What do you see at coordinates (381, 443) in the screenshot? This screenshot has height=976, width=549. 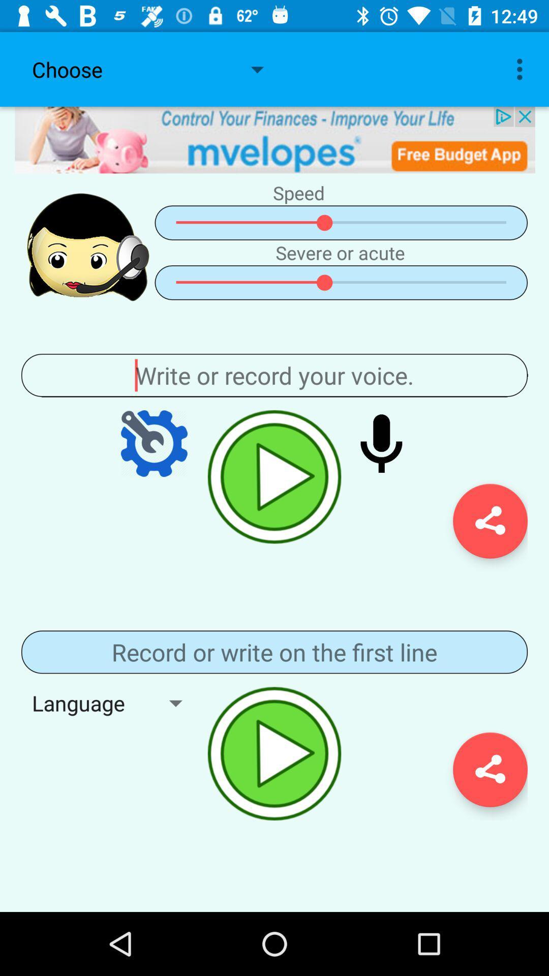 I see `record icon` at bounding box center [381, 443].